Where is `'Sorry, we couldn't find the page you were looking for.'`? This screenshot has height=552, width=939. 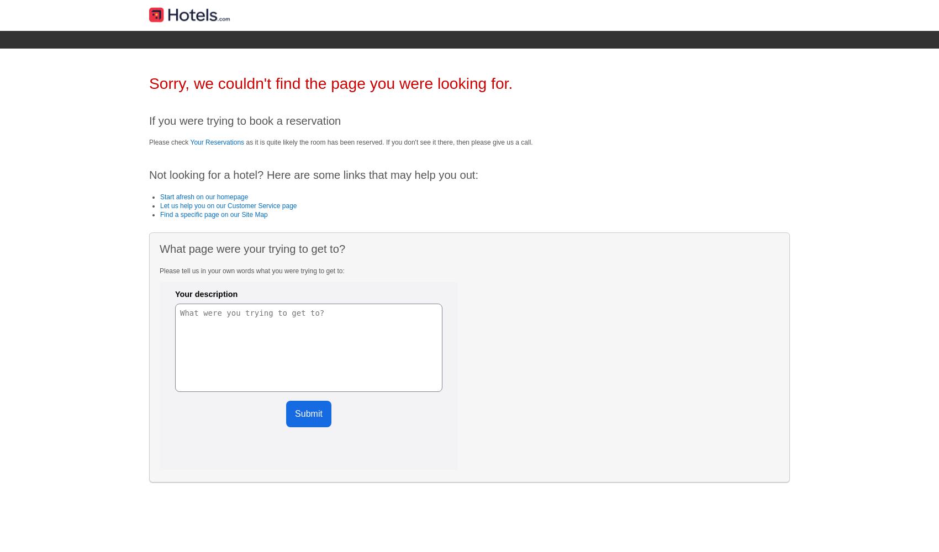 'Sorry, we couldn't find the page you were looking for.' is located at coordinates (330, 83).